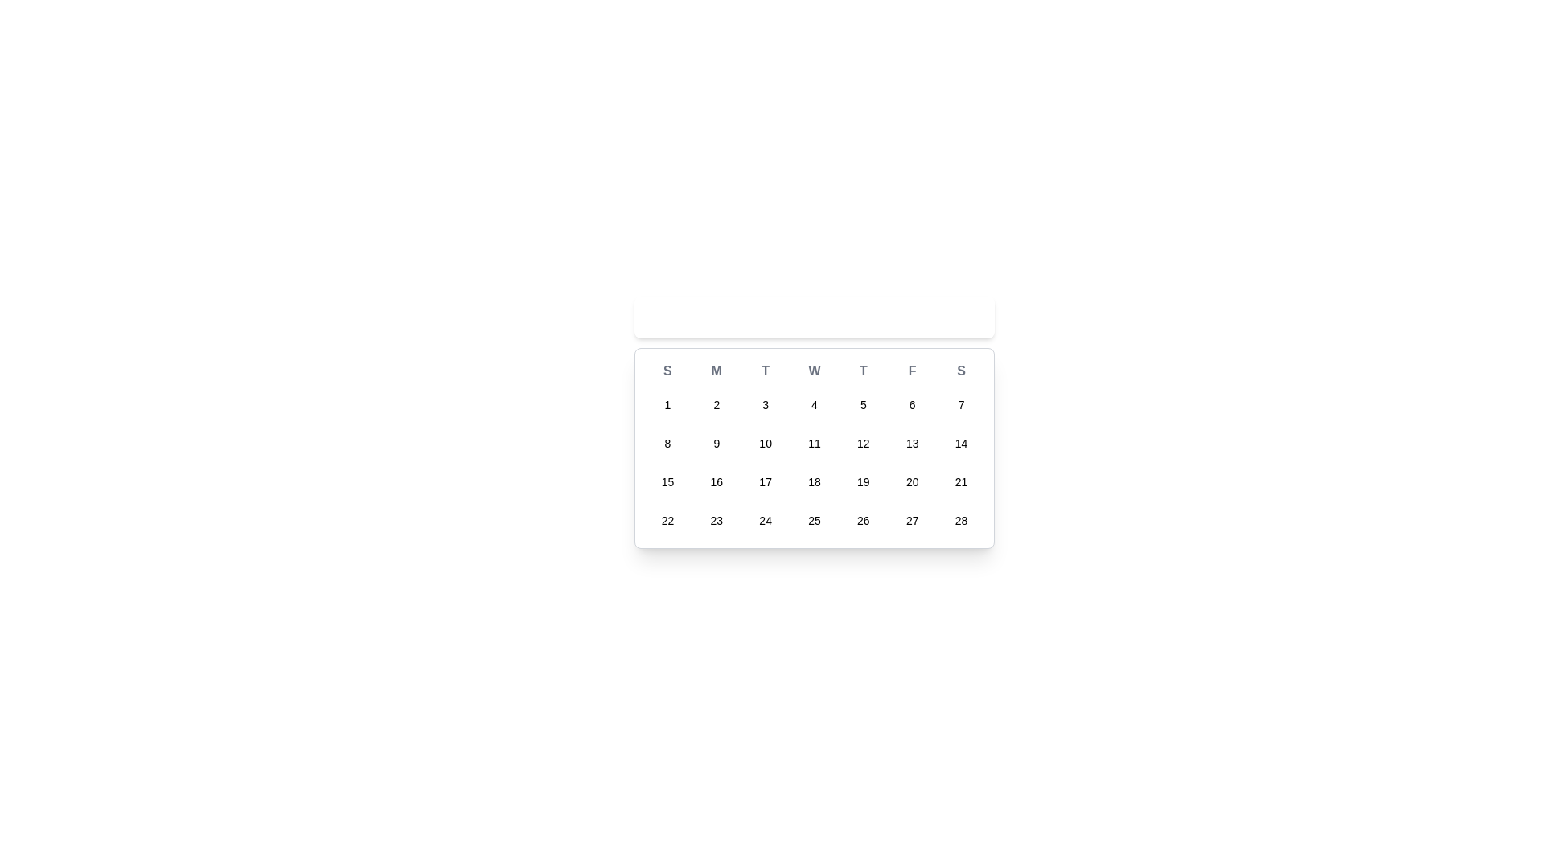 The image size is (1544, 868). What do you see at coordinates (912, 371) in the screenshot?
I see `the text label representing 'Friday' in the weekly calendar view, located in the first row and sixth column of the grid layout` at bounding box center [912, 371].